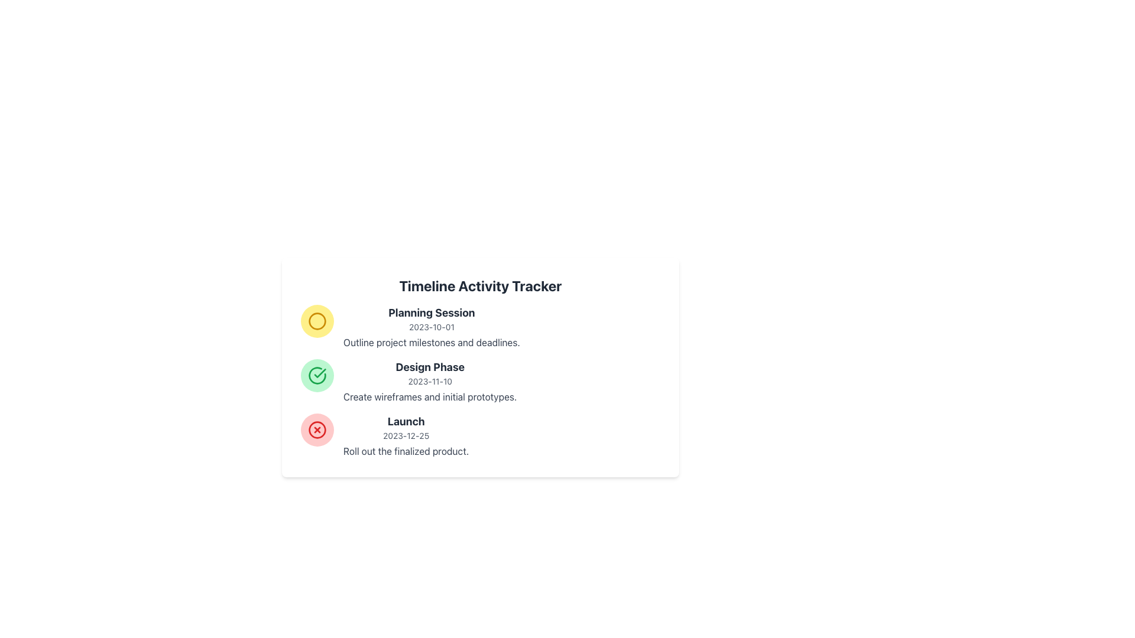 The width and height of the screenshot is (1135, 638). I want to click on the decorative circle icon associated with the 'Planning Session' item in the timeline list, located at the upper-left corner of the 'Timeline Activity Tracker' section, so click(317, 321).